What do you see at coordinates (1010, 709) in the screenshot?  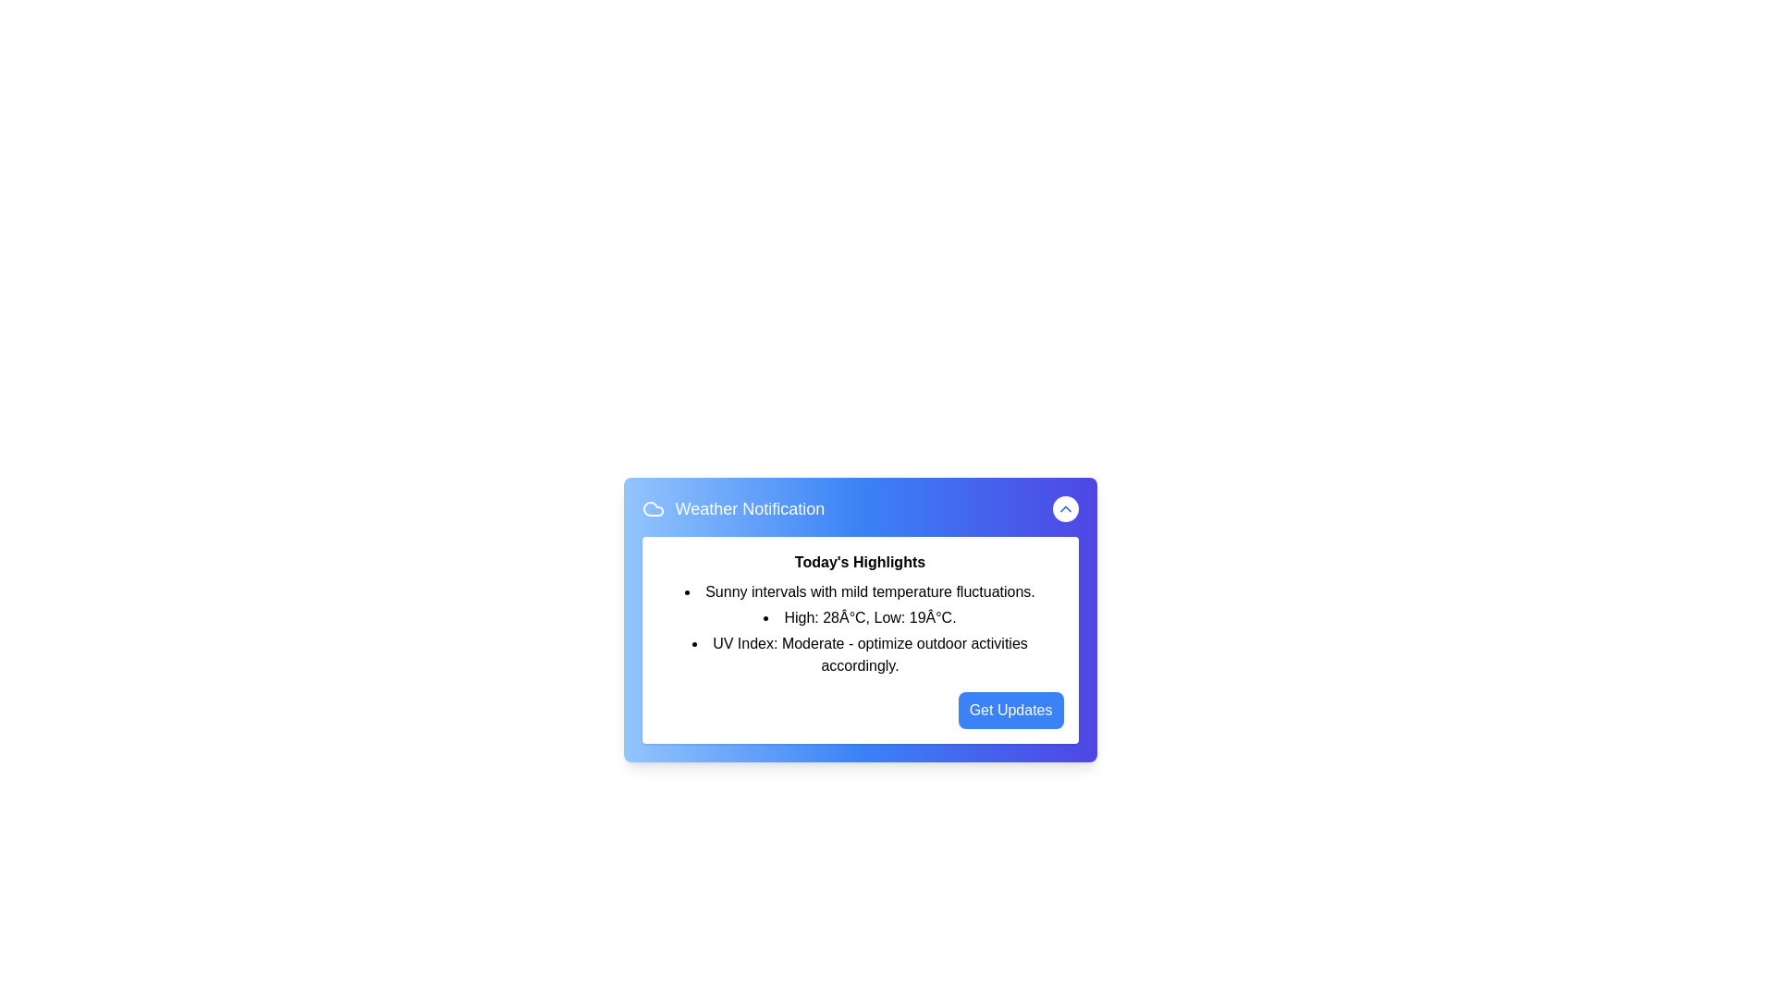 I see `the 'Get Updates' button to subscribe to weather updates` at bounding box center [1010, 709].